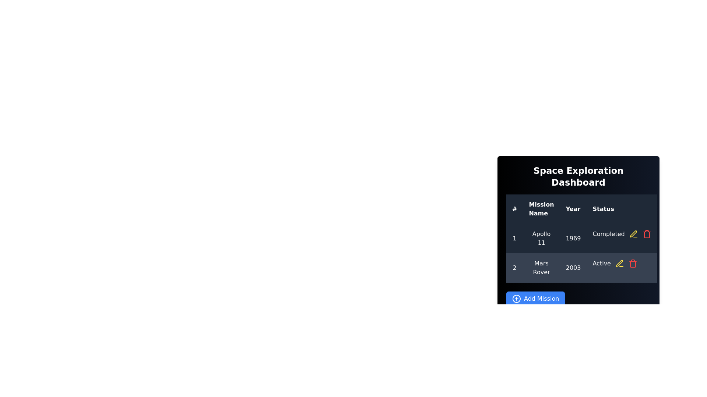  Describe the element at coordinates (619, 263) in the screenshot. I see `the edit icon button located in the 'Status' column of the second row in the 'Space Exploration Dashboard' table to trigger a color change effect` at that location.